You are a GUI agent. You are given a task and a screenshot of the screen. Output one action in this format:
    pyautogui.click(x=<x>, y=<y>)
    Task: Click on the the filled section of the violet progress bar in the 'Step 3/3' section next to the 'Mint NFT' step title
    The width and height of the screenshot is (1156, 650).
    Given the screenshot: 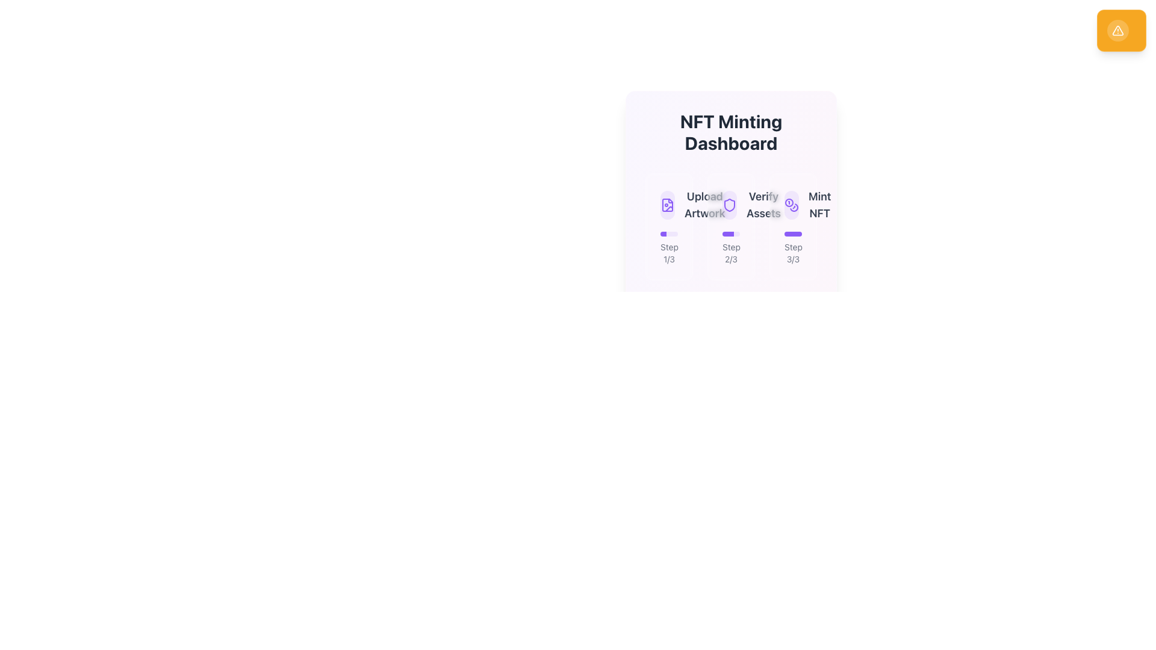 What is the action you would take?
    pyautogui.click(x=793, y=234)
    